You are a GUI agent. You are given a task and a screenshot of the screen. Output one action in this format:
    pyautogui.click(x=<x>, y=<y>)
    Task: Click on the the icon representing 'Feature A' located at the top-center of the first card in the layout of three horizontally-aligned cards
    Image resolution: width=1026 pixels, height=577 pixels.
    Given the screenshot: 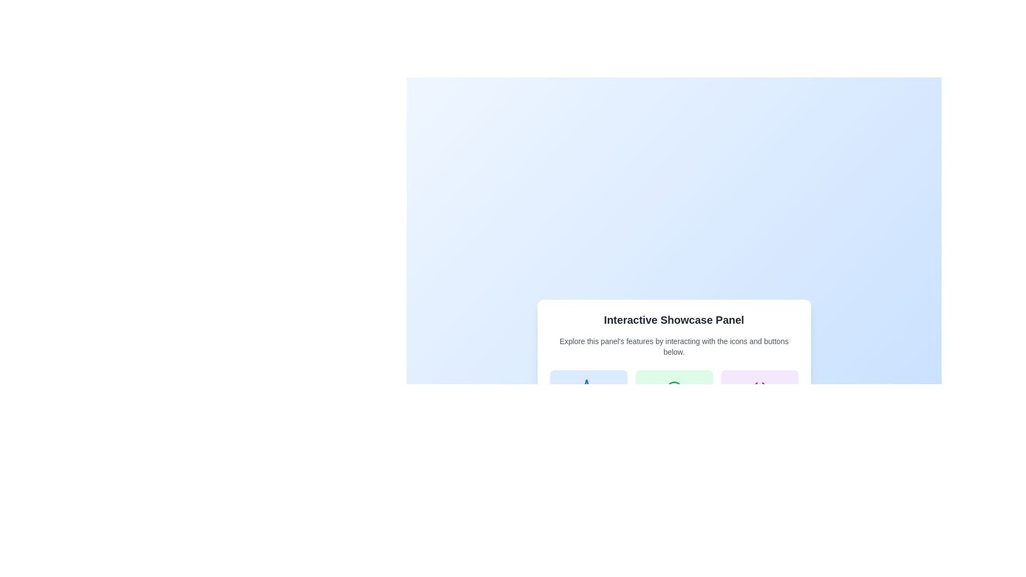 What is the action you would take?
    pyautogui.click(x=588, y=387)
    